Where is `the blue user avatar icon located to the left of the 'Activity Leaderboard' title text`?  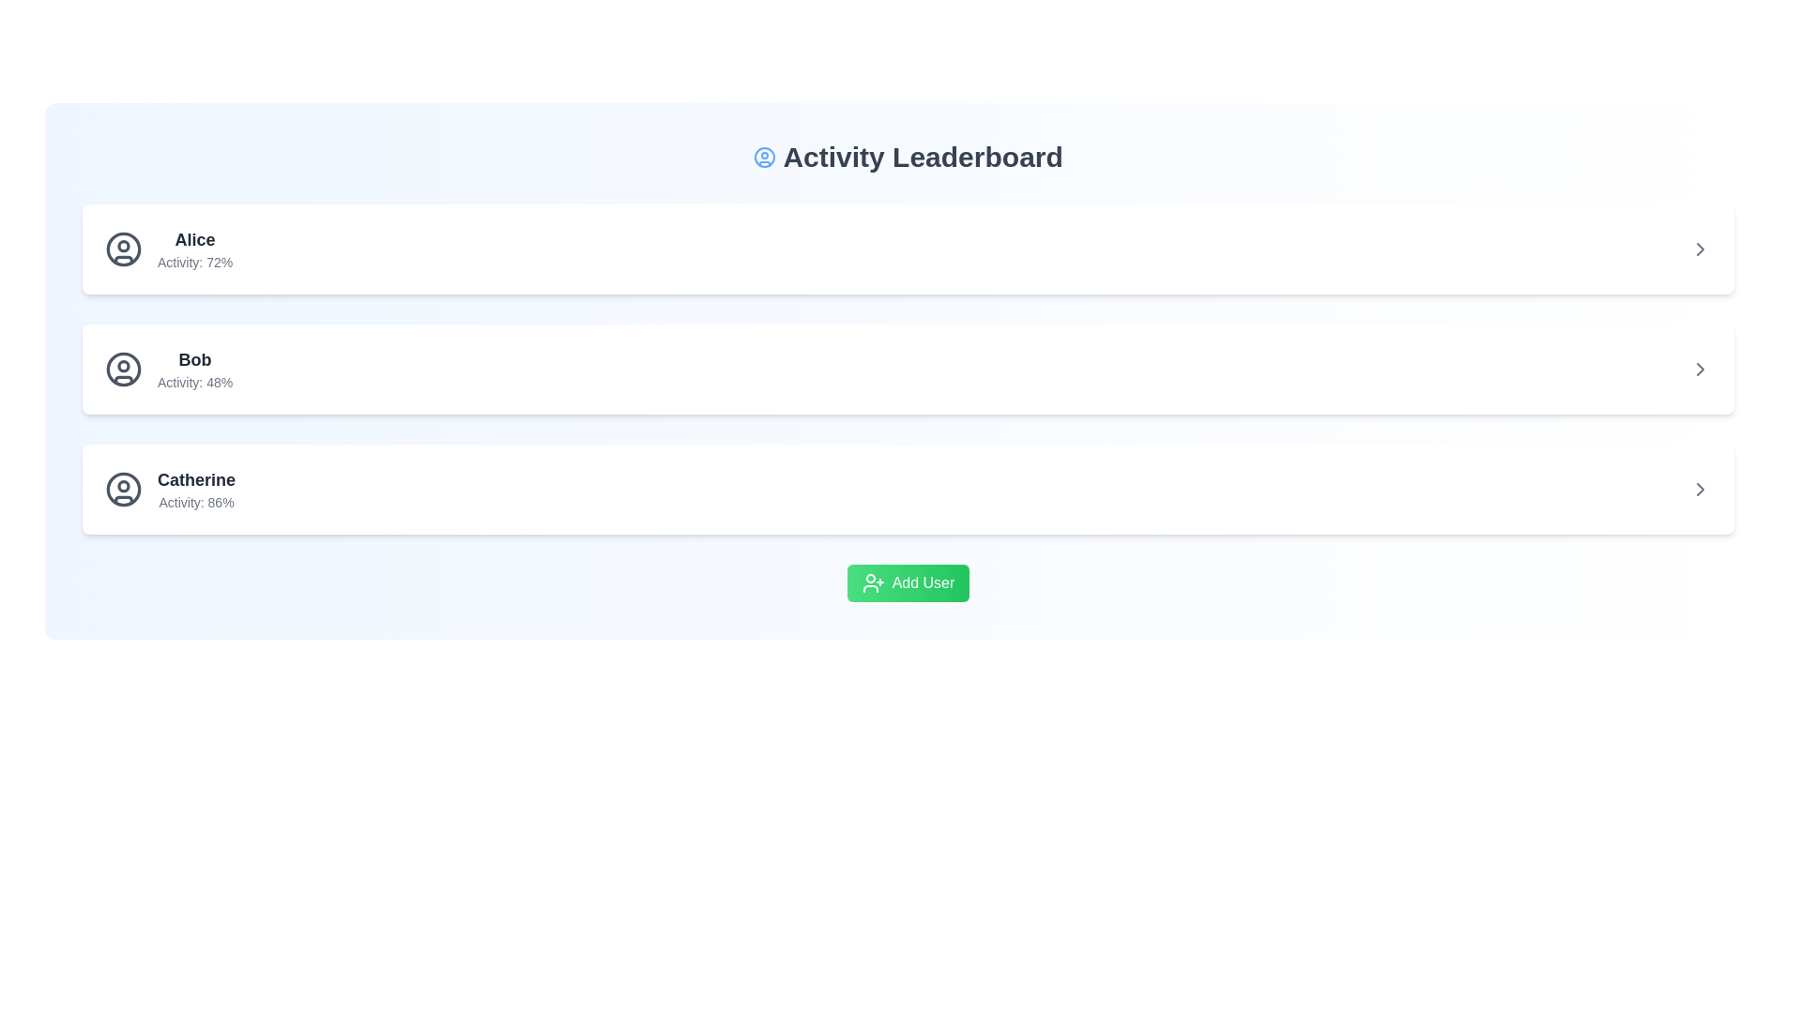
the blue user avatar icon located to the left of the 'Activity Leaderboard' title text is located at coordinates (765, 157).